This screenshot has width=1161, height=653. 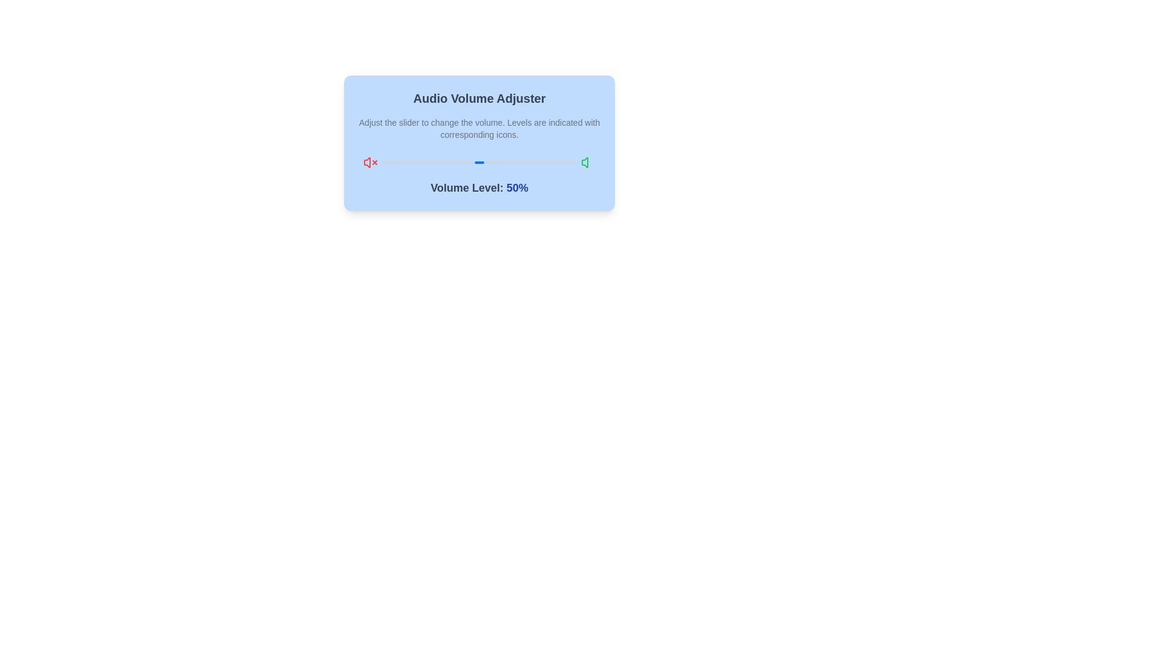 I want to click on the volume slider to set the volume to 94%, so click(x=564, y=162).